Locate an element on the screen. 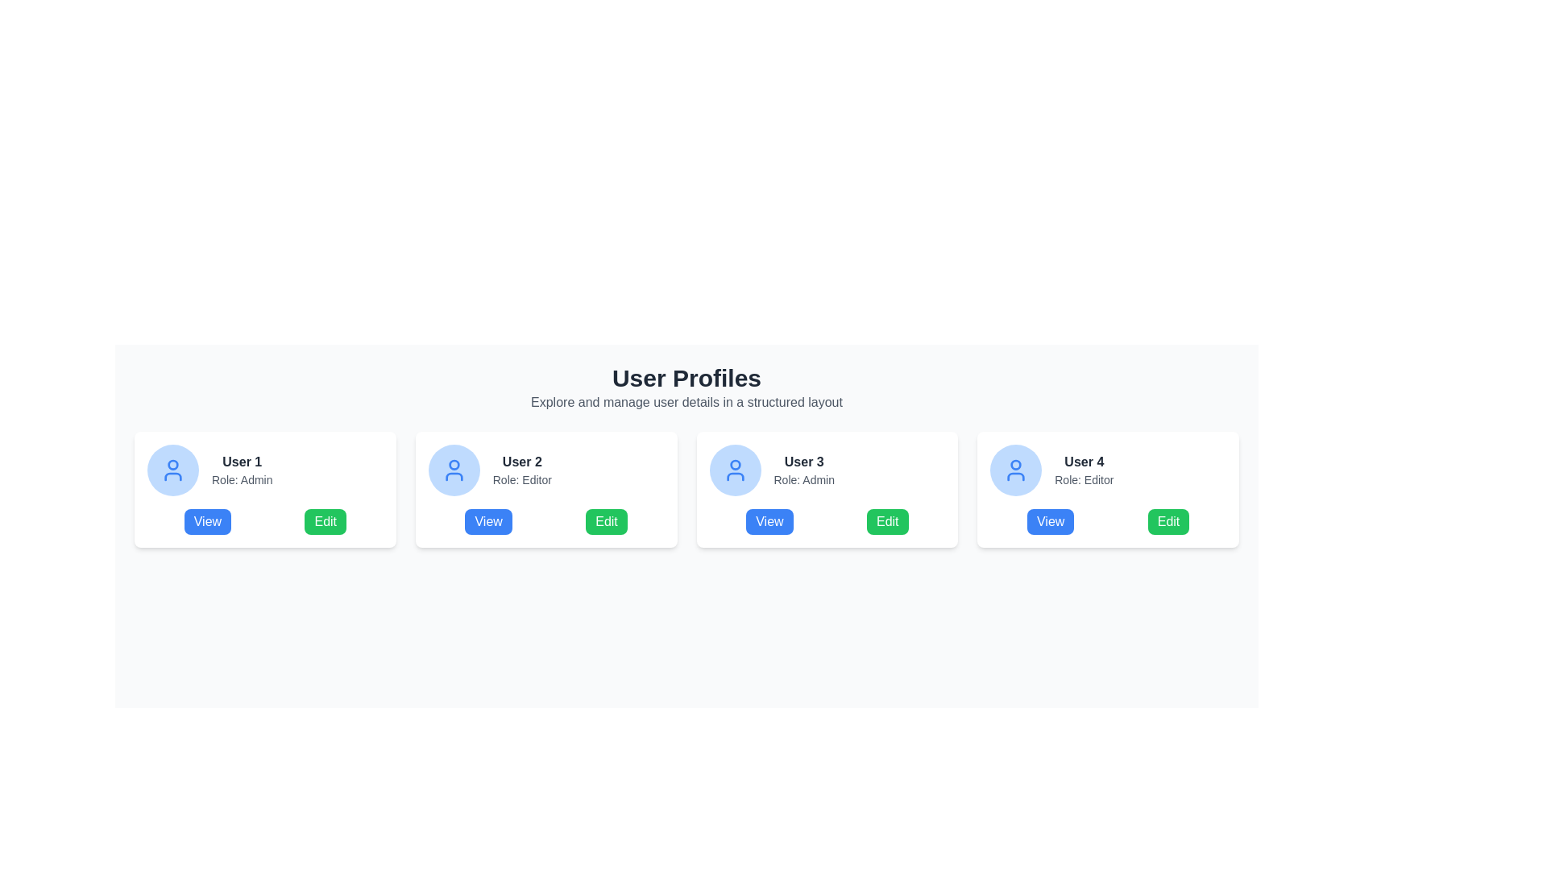 The height and width of the screenshot is (870, 1547). the 'View' button with a blue background and white text located in the lower-left section of the 'User 1' card is located at coordinates (206, 522).